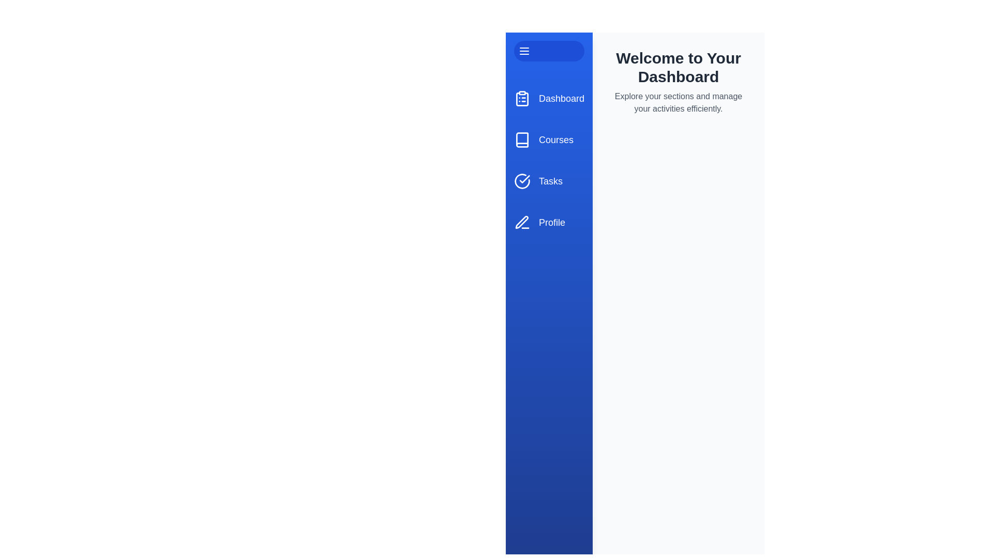  I want to click on the menu item labeled Tasks to navigate, so click(548, 181).